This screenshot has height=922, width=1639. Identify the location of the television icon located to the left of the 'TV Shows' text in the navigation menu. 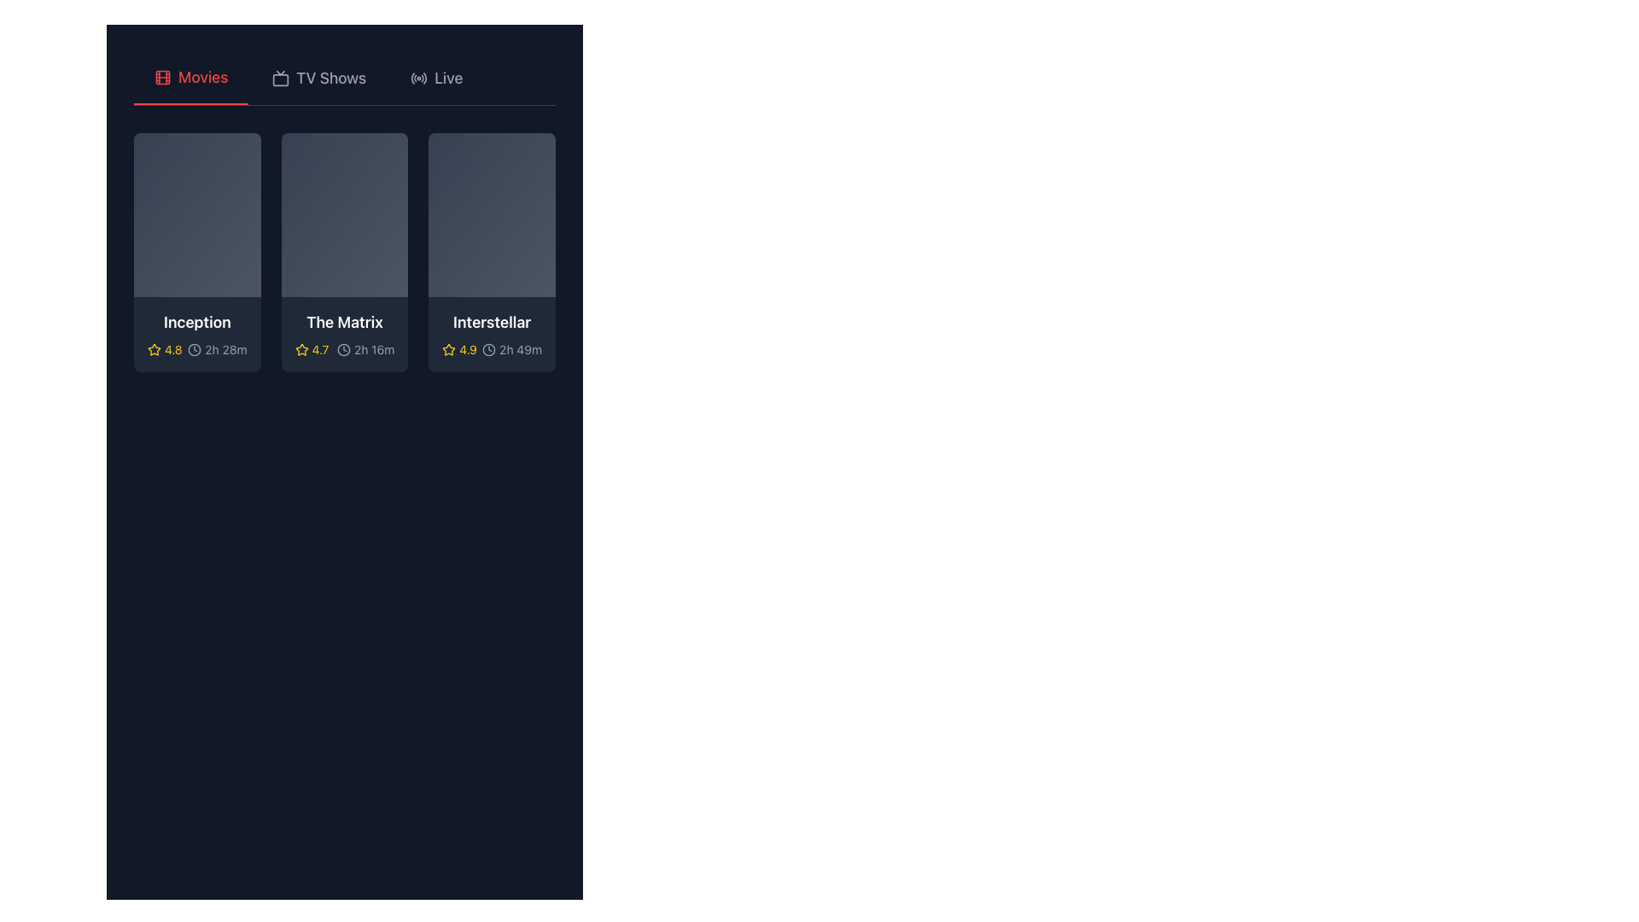
(281, 79).